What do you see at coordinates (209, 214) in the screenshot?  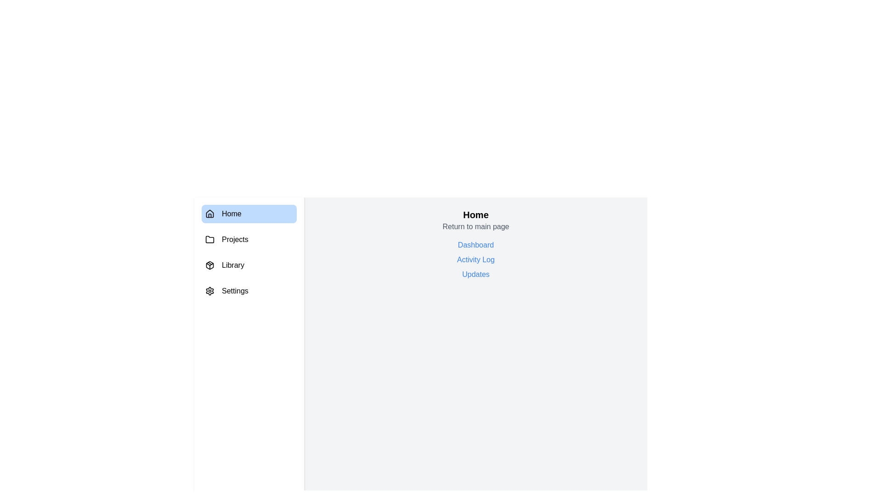 I see `the 'Home' menu item icon located at the top-left corner of the menu section, which is highlighted in blue and precedes the text label 'Home'` at bounding box center [209, 214].